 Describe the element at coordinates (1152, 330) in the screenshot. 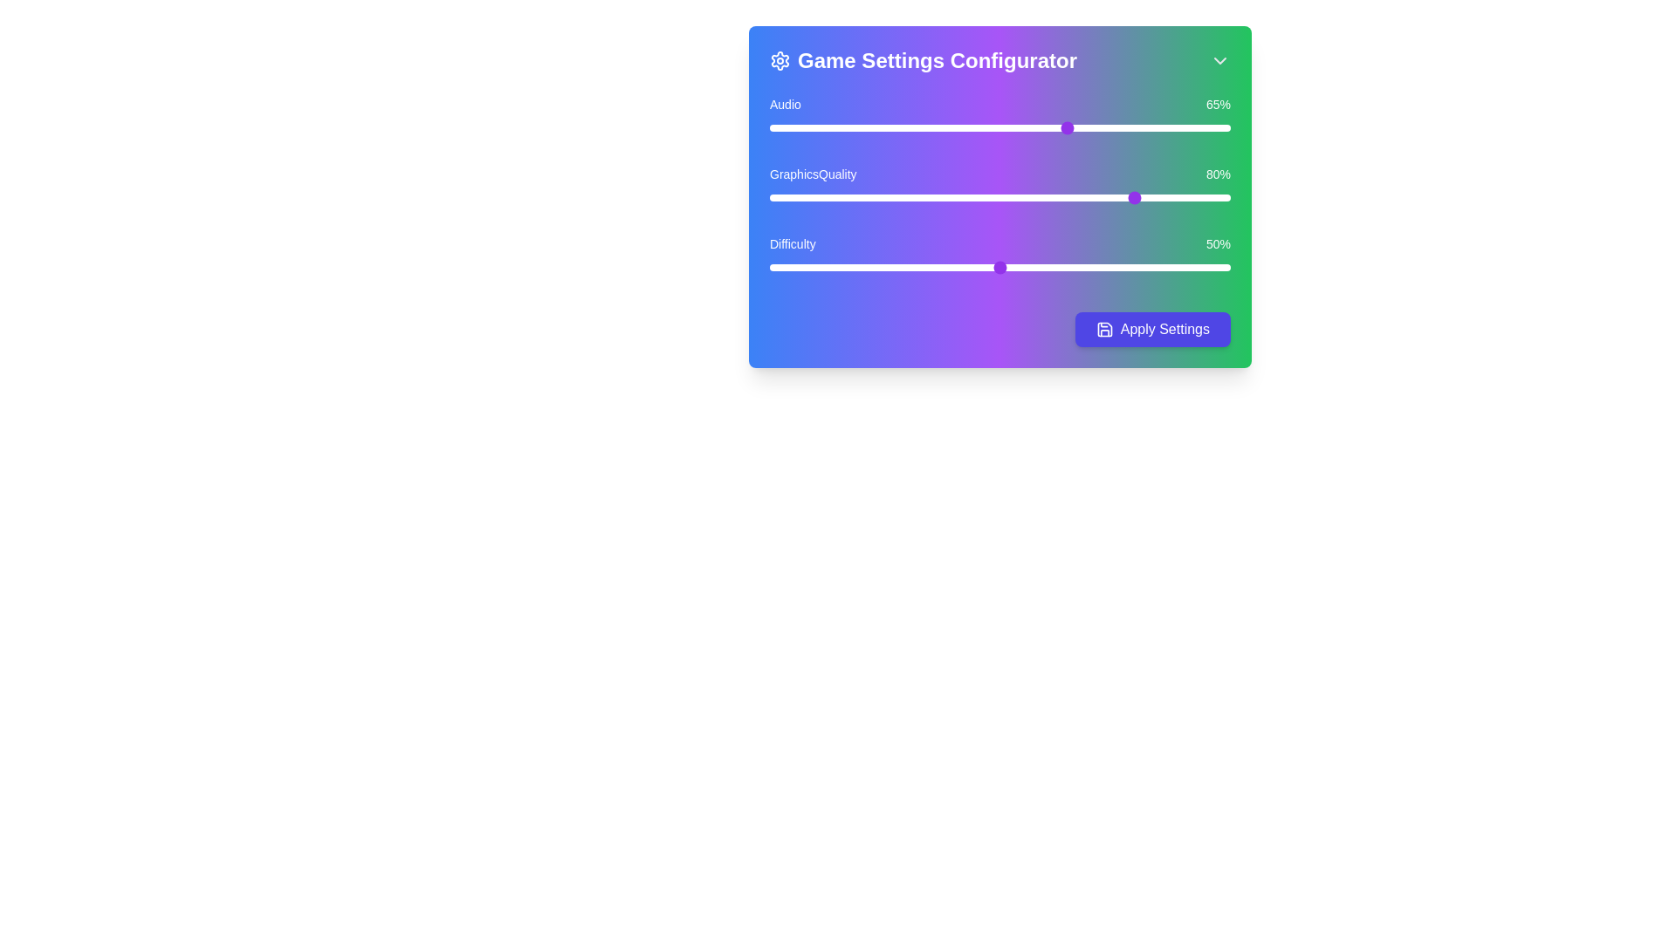

I see `the 'Apply Settings' button with a vibrant indigo background and a save icon to apply the settings` at that location.